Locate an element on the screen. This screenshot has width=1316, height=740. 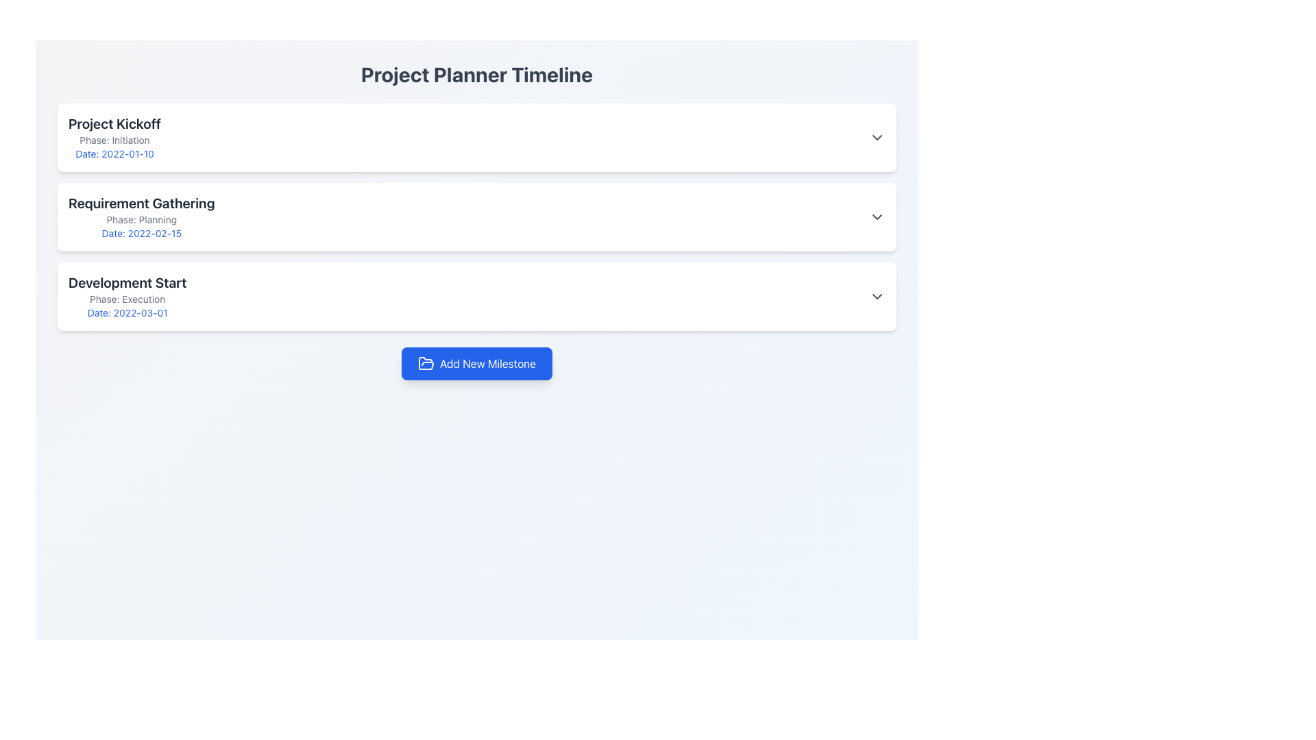
the static text element displaying 'Project Planner Timeline', which is bold, large, and dark gray, located at the top center of the view is located at coordinates (477, 82).